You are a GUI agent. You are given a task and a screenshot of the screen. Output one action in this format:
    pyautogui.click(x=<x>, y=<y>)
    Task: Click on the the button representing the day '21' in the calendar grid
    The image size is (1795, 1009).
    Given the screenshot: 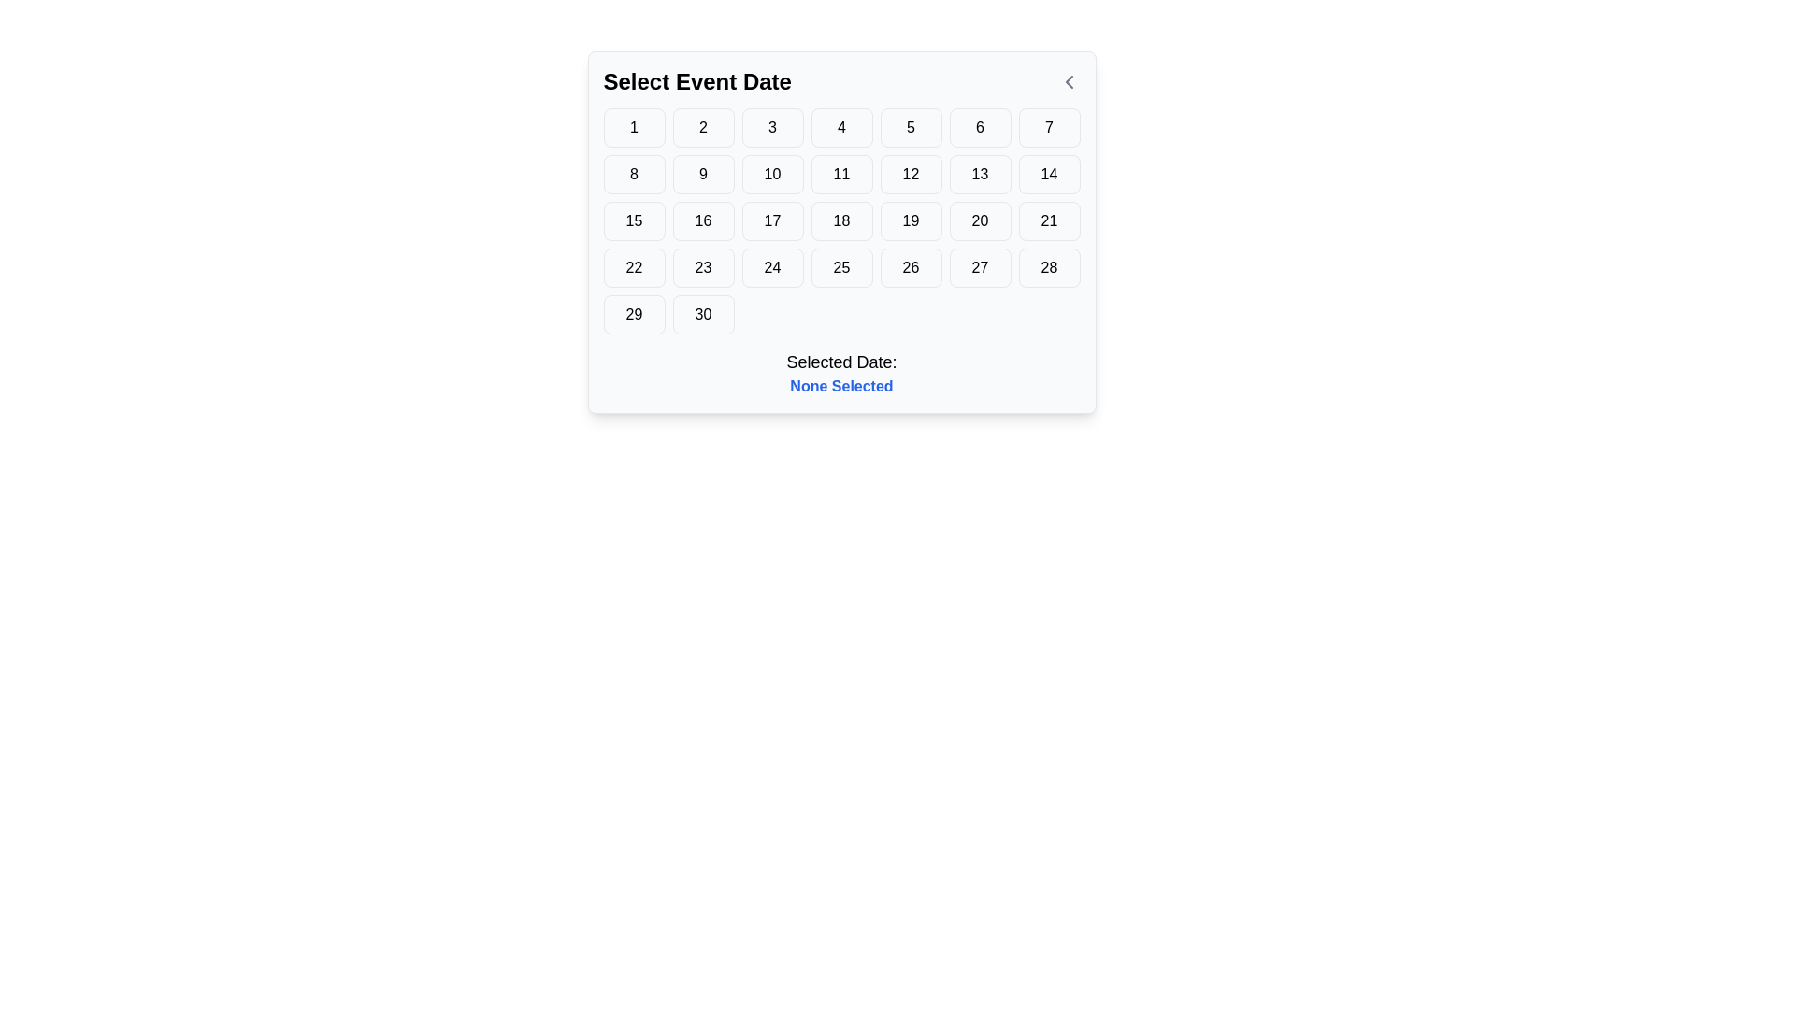 What is the action you would take?
    pyautogui.click(x=1049, y=220)
    